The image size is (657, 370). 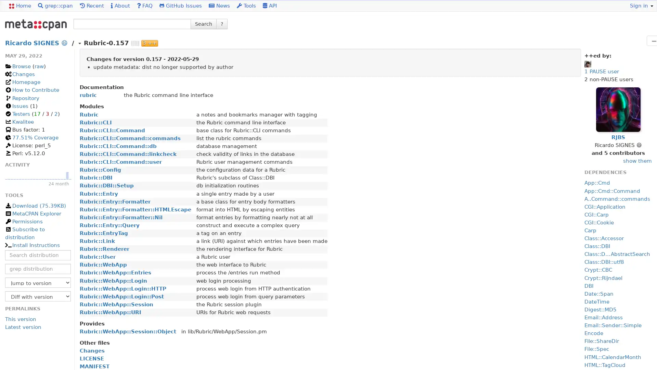 I want to click on Search, so click(x=203, y=23).